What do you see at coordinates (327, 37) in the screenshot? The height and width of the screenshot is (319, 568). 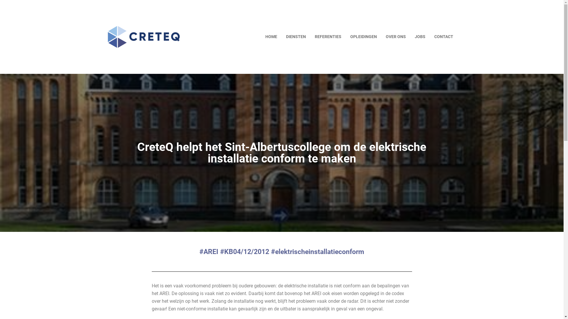 I see `'REFERENTIES'` at bounding box center [327, 37].